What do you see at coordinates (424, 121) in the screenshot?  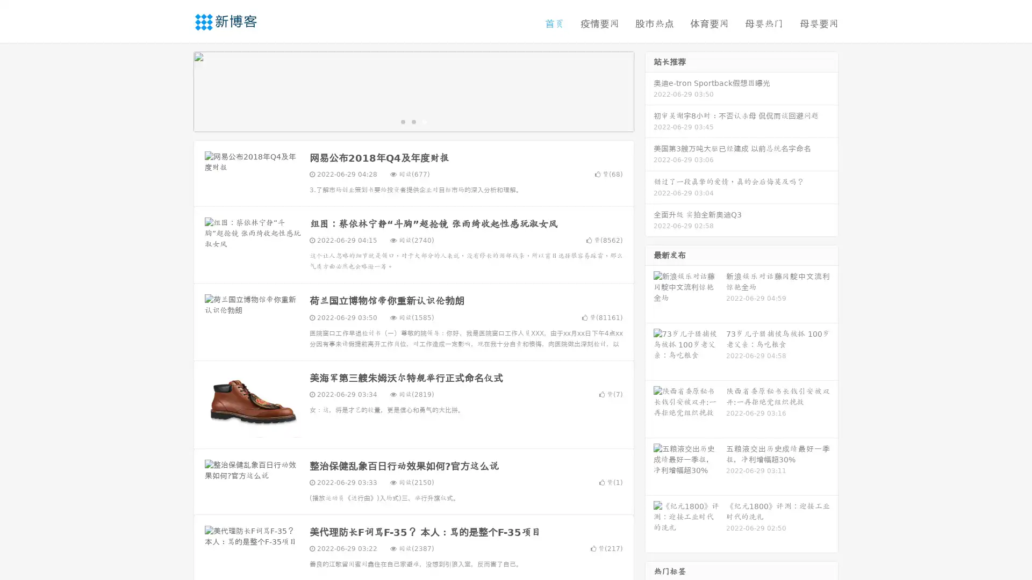 I see `Go to slide 3` at bounding box center [424, 121].